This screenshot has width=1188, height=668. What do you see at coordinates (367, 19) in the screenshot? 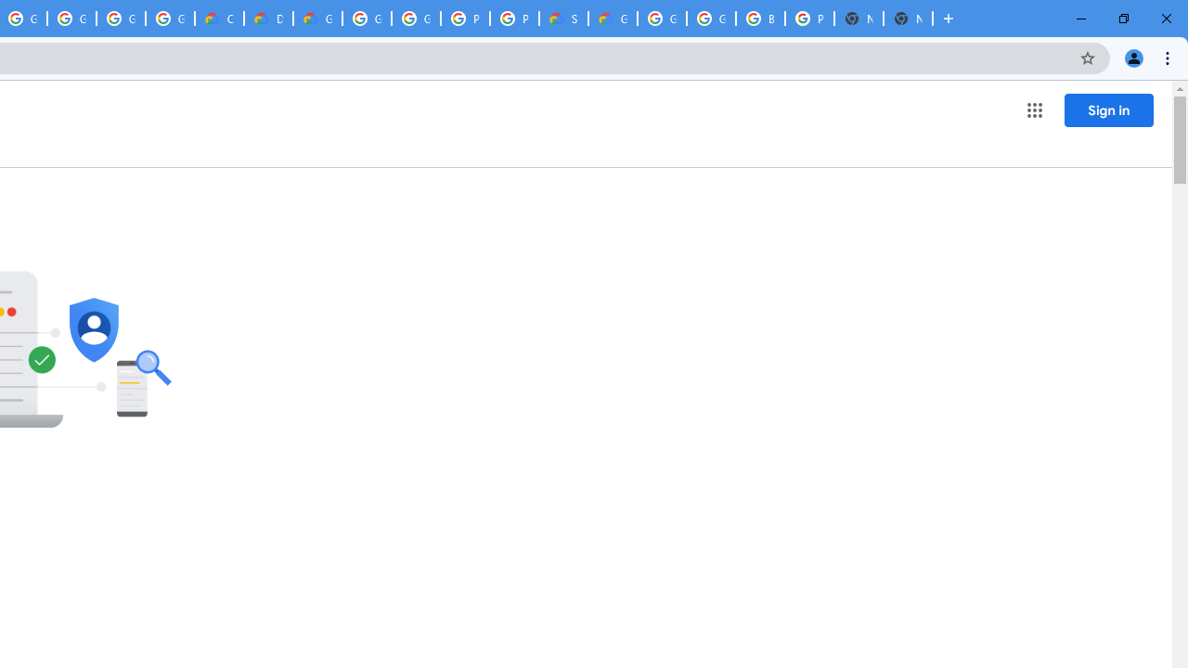
I see `'Google Cloud Platform'` at bounding box center [367, 19].